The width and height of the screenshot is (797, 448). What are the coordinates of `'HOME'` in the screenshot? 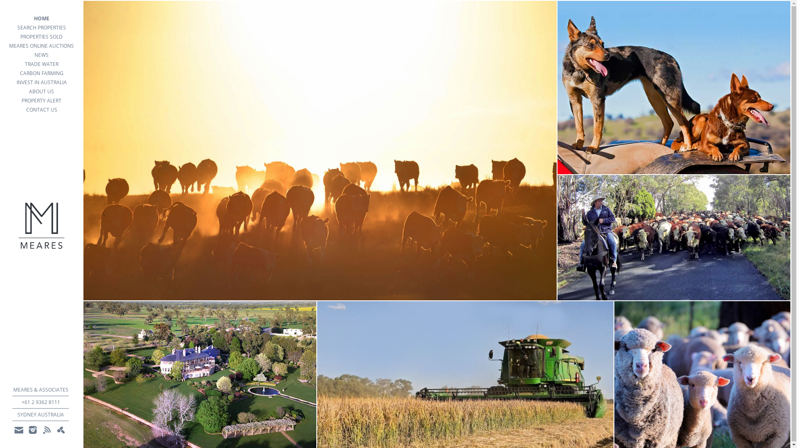 It's located at (41, 19).